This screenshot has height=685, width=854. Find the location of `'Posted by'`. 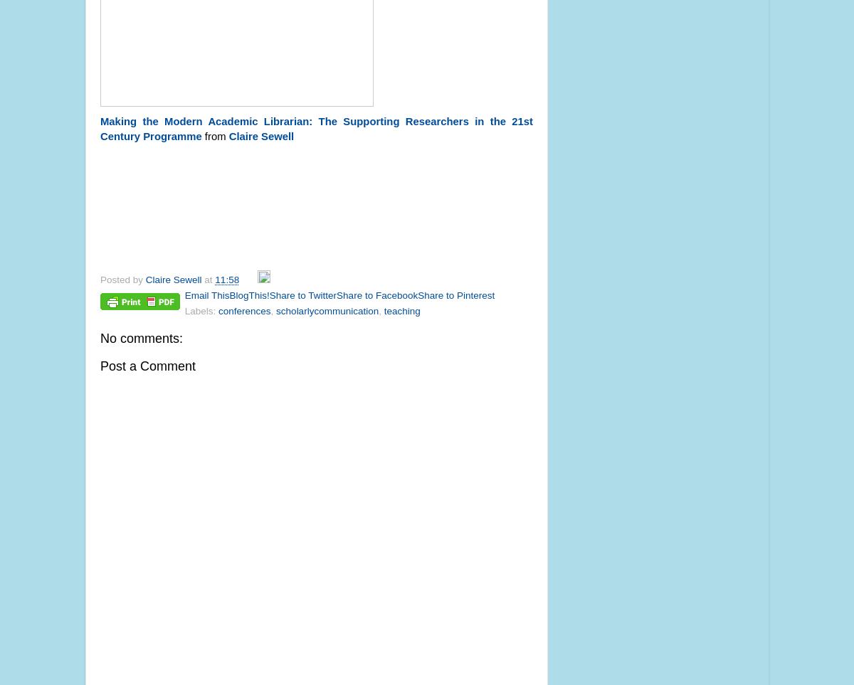

'Posted by' is located at coordinates (100, 279).